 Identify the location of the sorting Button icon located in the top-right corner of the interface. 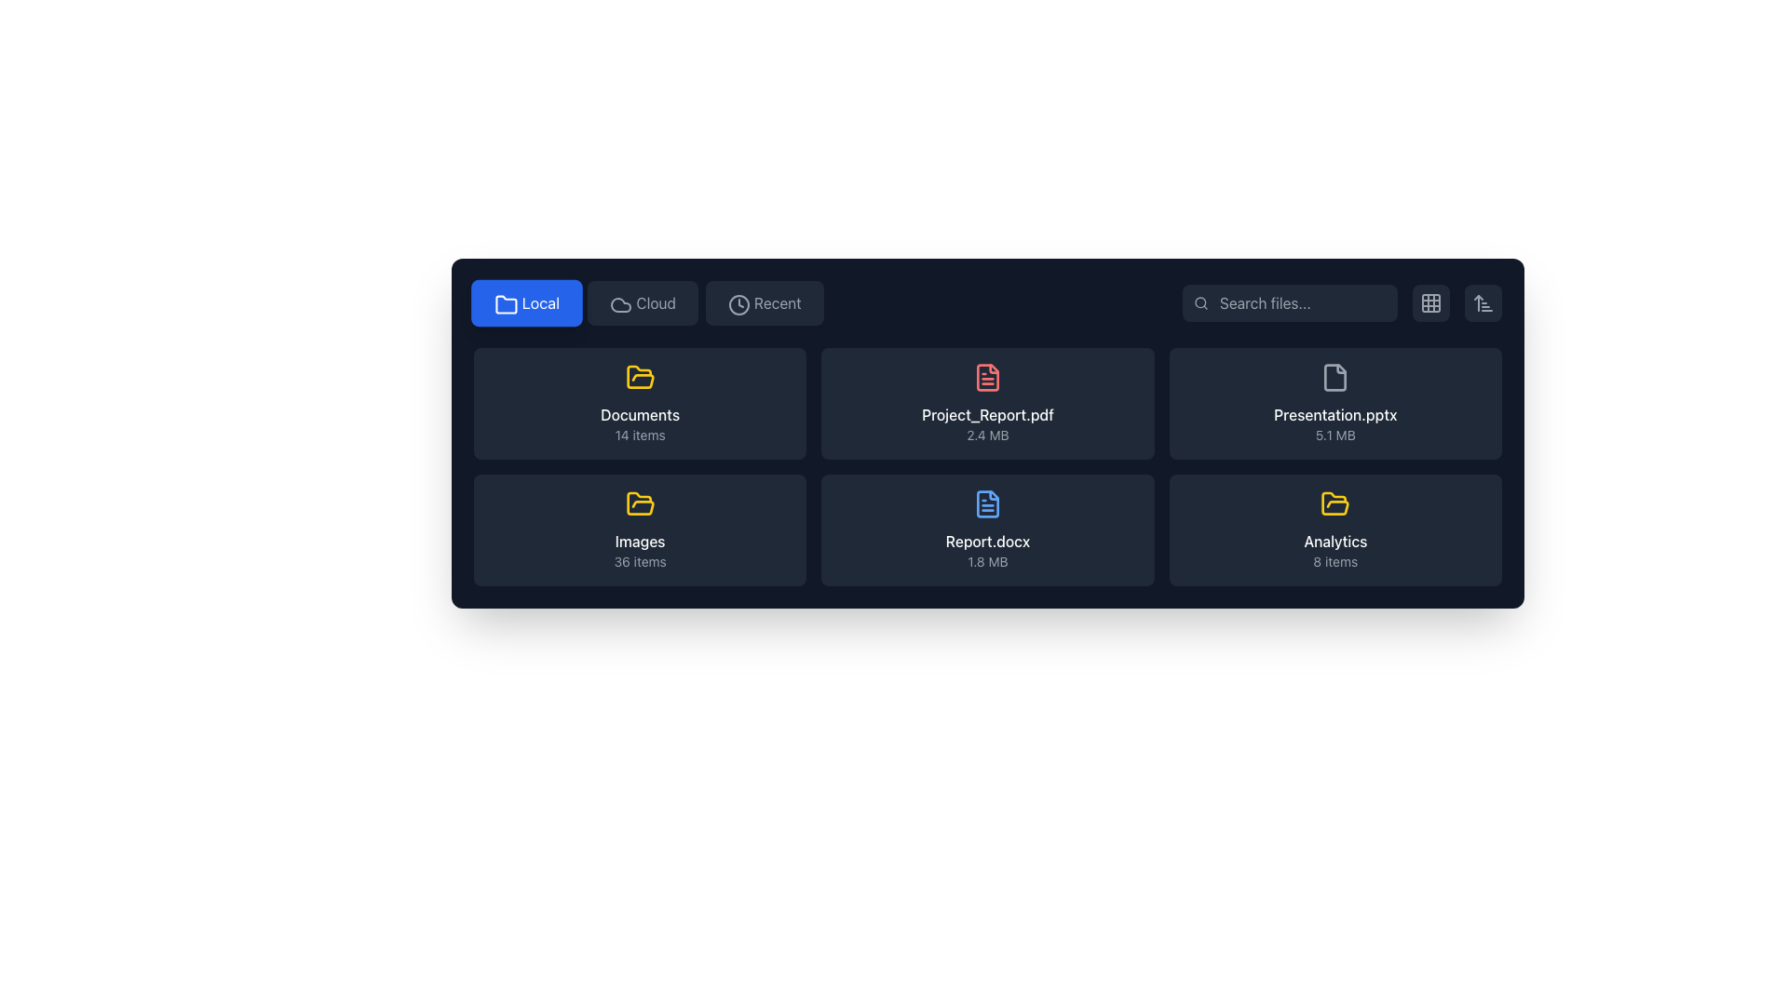
(1483, 302).